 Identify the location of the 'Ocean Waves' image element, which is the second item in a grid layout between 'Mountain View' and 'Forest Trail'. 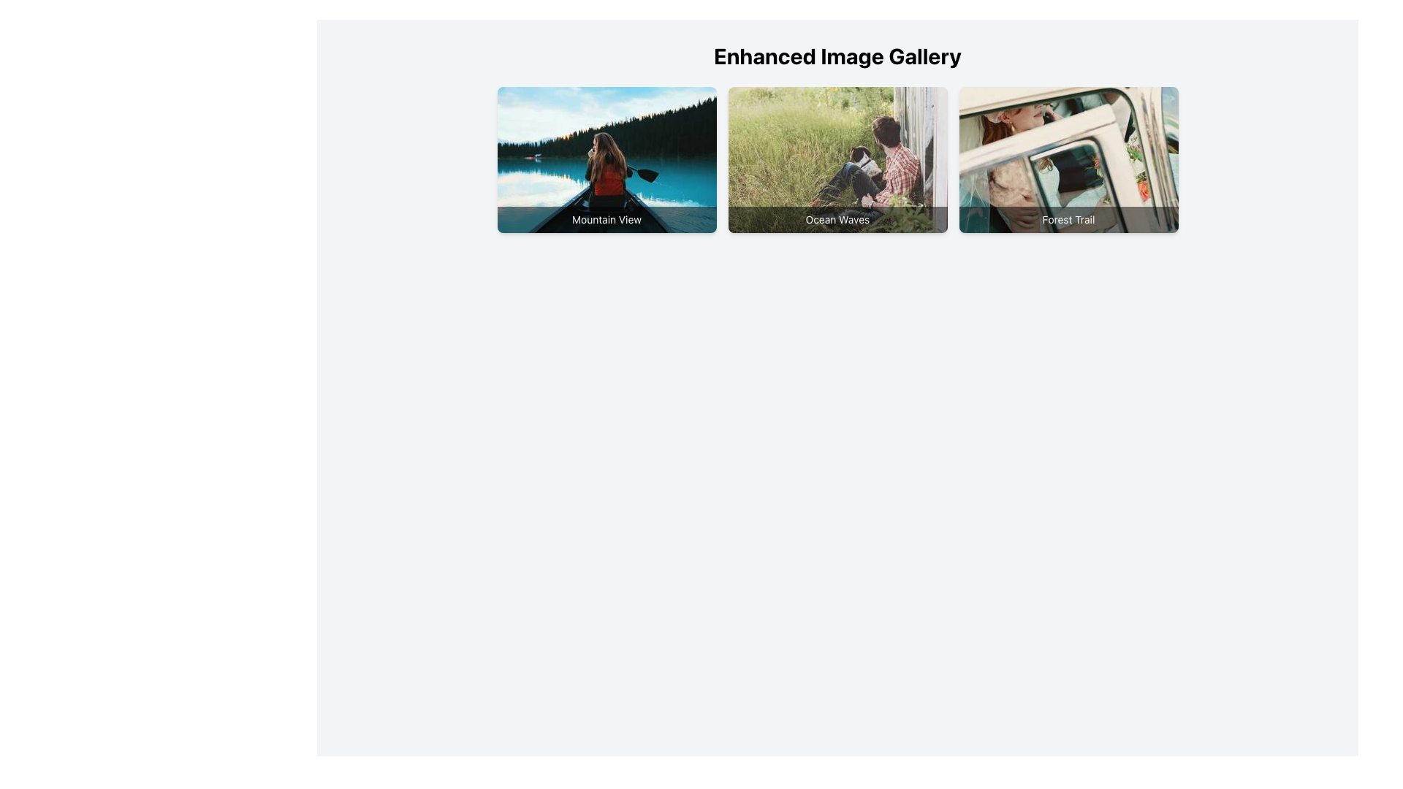
(837, 160).